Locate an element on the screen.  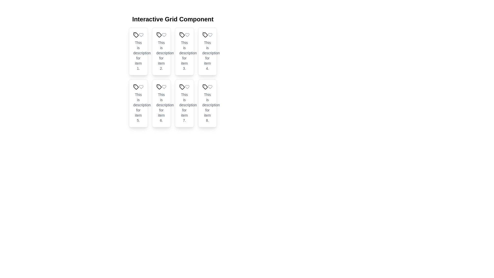
the icon pair consisting of a black tag icon and a gray outlined heart icon, located in the sixth tile of the grid layout is located at coordinates (161, 87).